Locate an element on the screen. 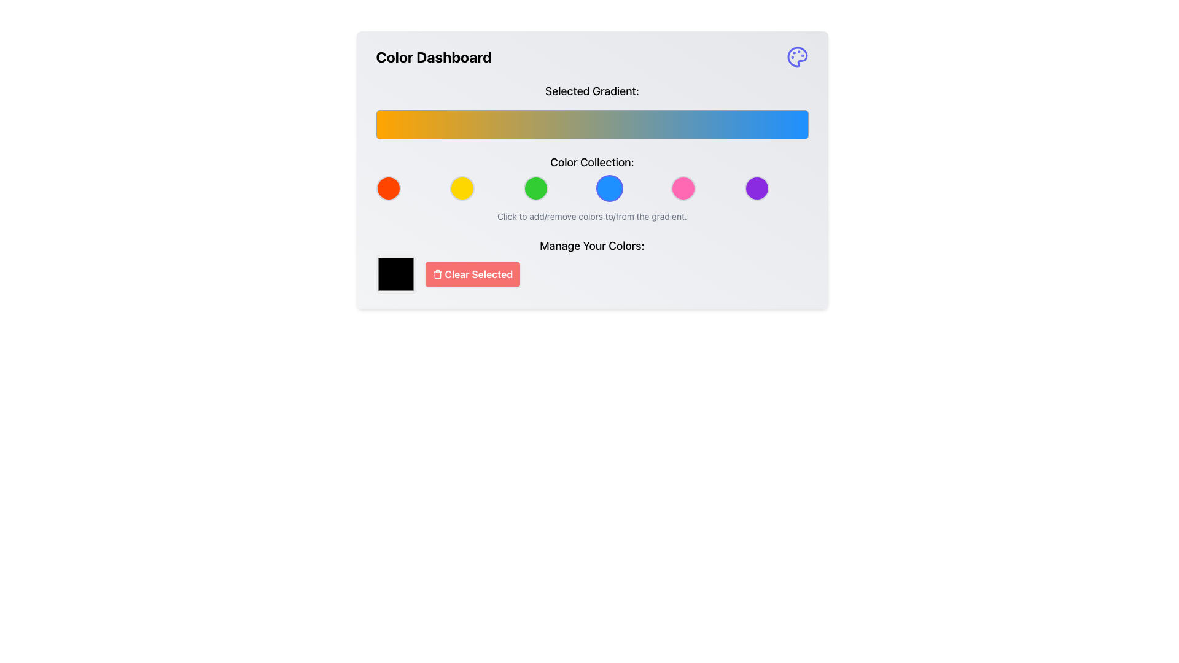 This screenshot has height=663, width=1179. the Static Text element that serves as a label indicating the section for gradient display in the 'Color Dashboard', located above the gradient preview bar is located at coordinates (592, 91).